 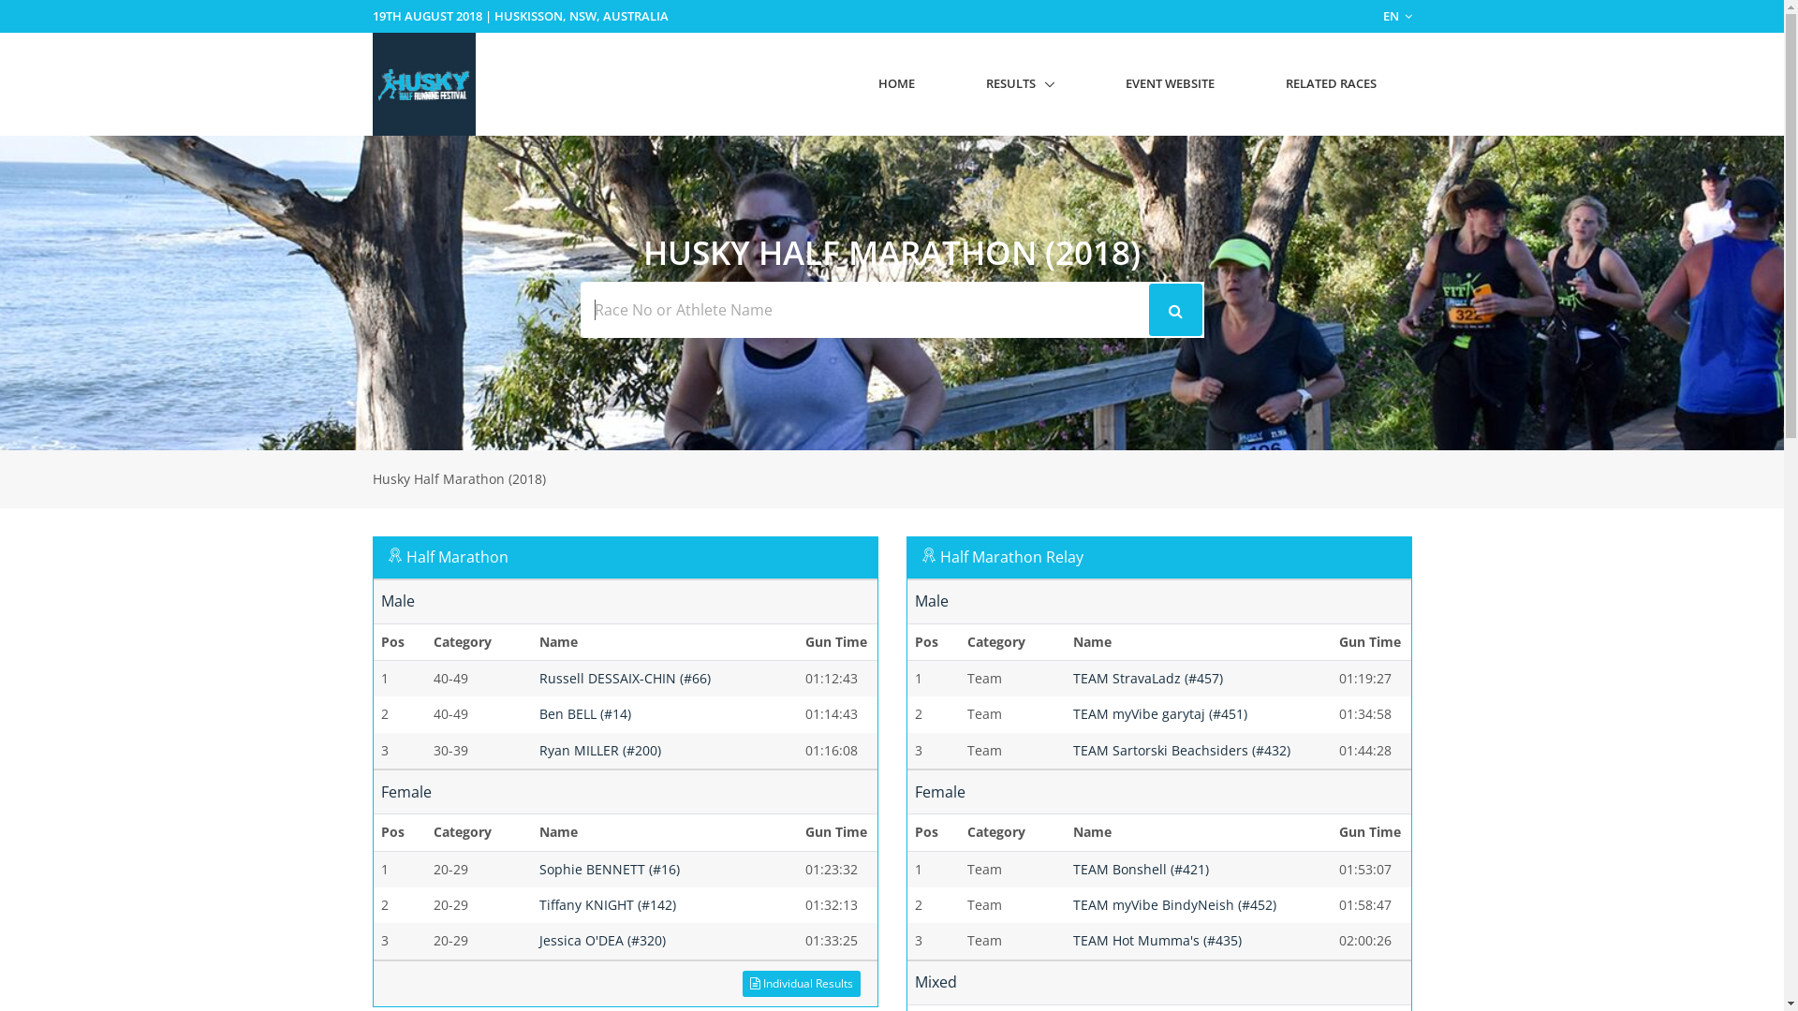 What do you see at coordinates (395, 600) in the screenshot?
I see `'Male'` at bounding box center [395, 600].